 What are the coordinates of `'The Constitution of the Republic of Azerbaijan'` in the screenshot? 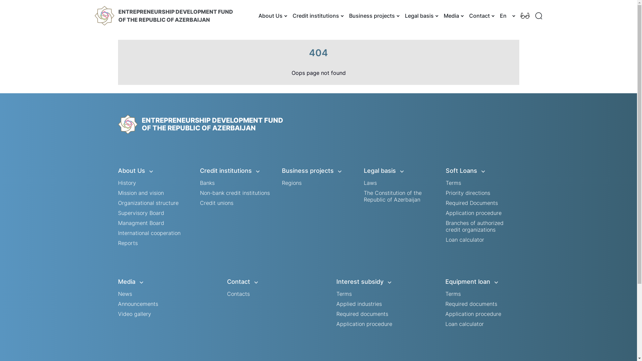 It's located at (363, 196).